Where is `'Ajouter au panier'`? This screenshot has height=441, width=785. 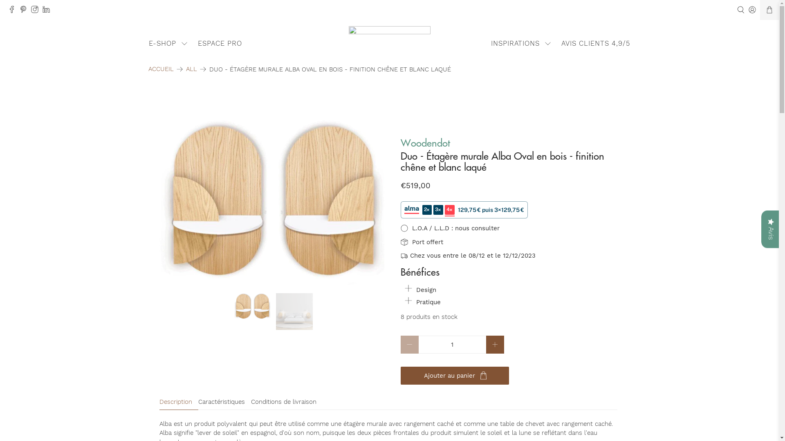
'Ajouter au panier' is located at coordinates (400, 376).